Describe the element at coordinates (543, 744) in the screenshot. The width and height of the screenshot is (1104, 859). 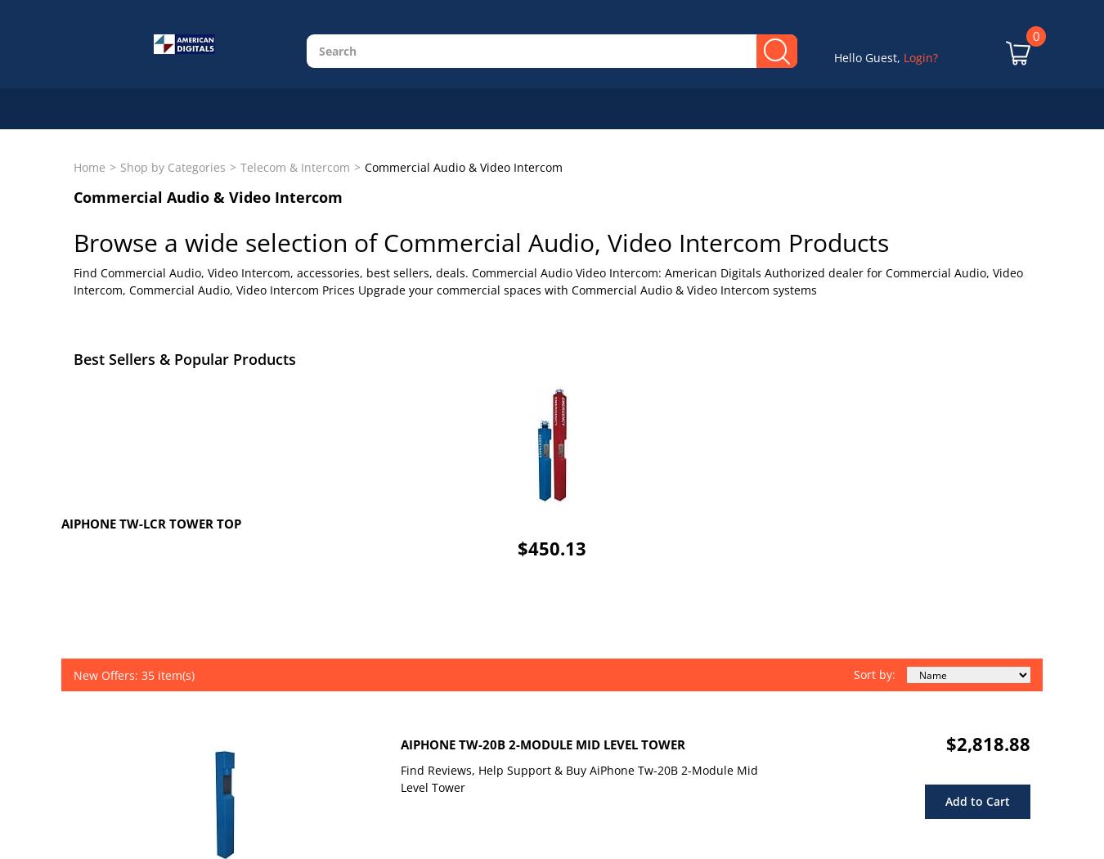
I see `'AiPhone Tw-20B 2-Module Mid Level Tower'` at that location.